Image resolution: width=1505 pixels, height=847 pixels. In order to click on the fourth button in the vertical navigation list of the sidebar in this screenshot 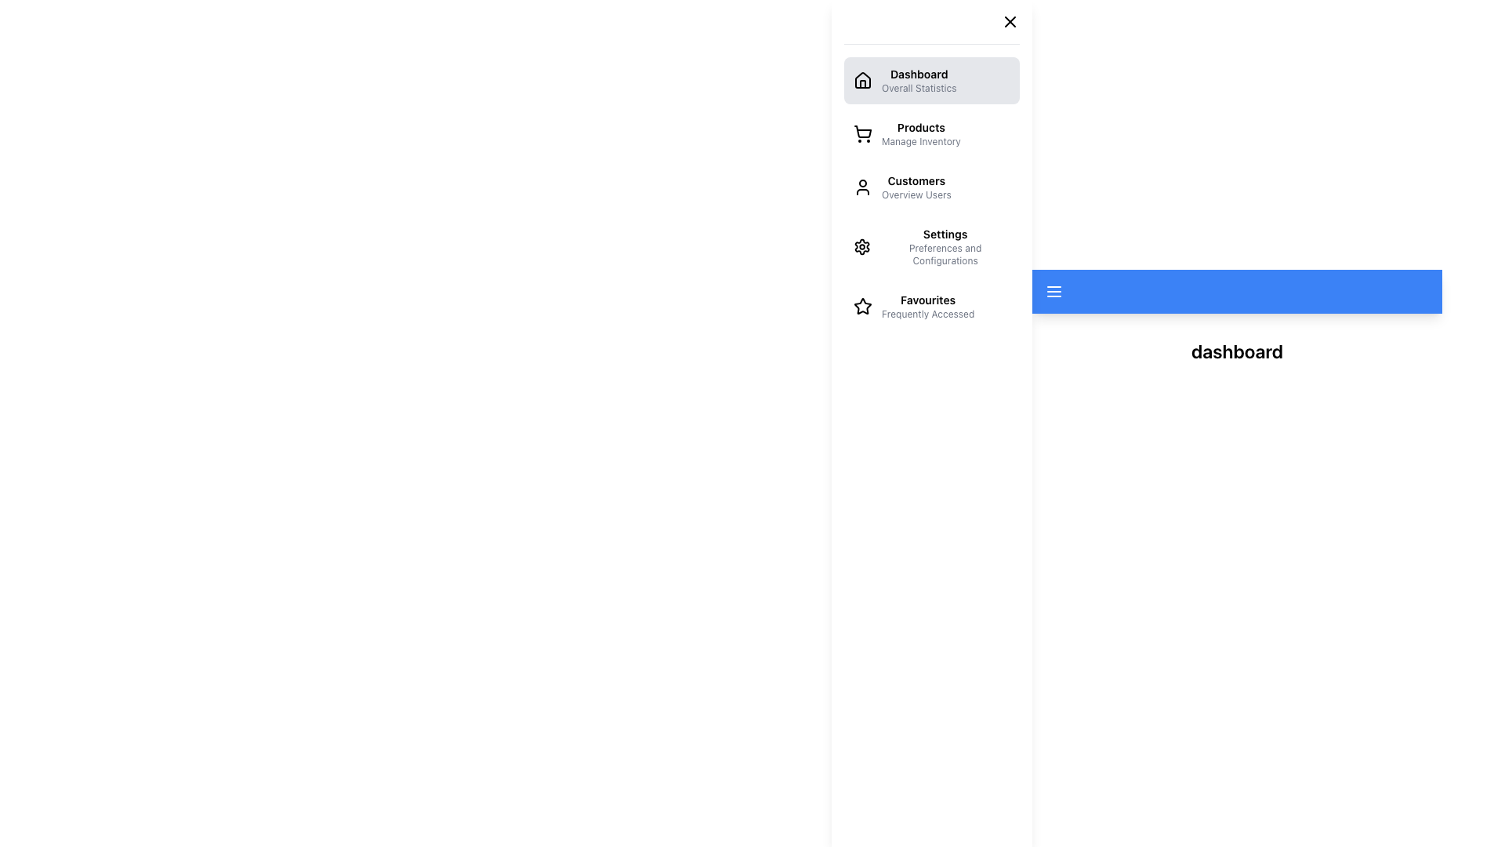, I will do `click(932, 247)`.